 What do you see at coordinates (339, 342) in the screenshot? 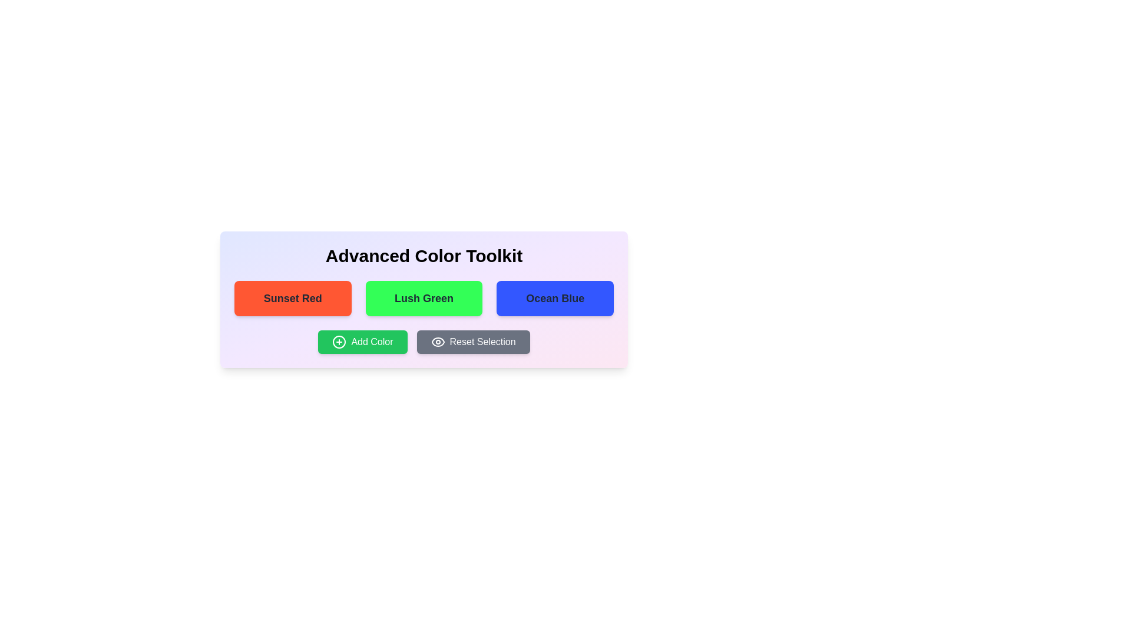
I see `the icon within the 'Add Color' button` at bounding box center [339, 342].